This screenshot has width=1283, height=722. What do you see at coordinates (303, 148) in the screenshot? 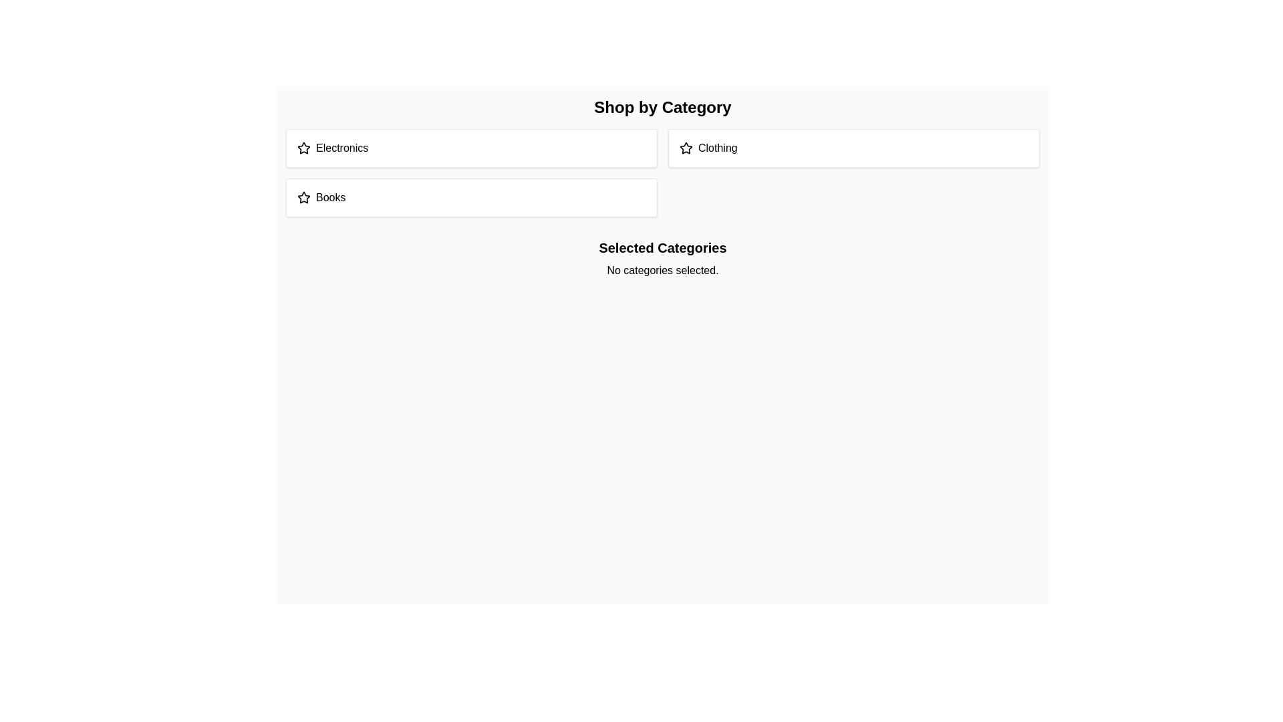
I see `the icon located to the left of the text 'Electronics' in the vertically stacked list` at bounding box center [303, 148].